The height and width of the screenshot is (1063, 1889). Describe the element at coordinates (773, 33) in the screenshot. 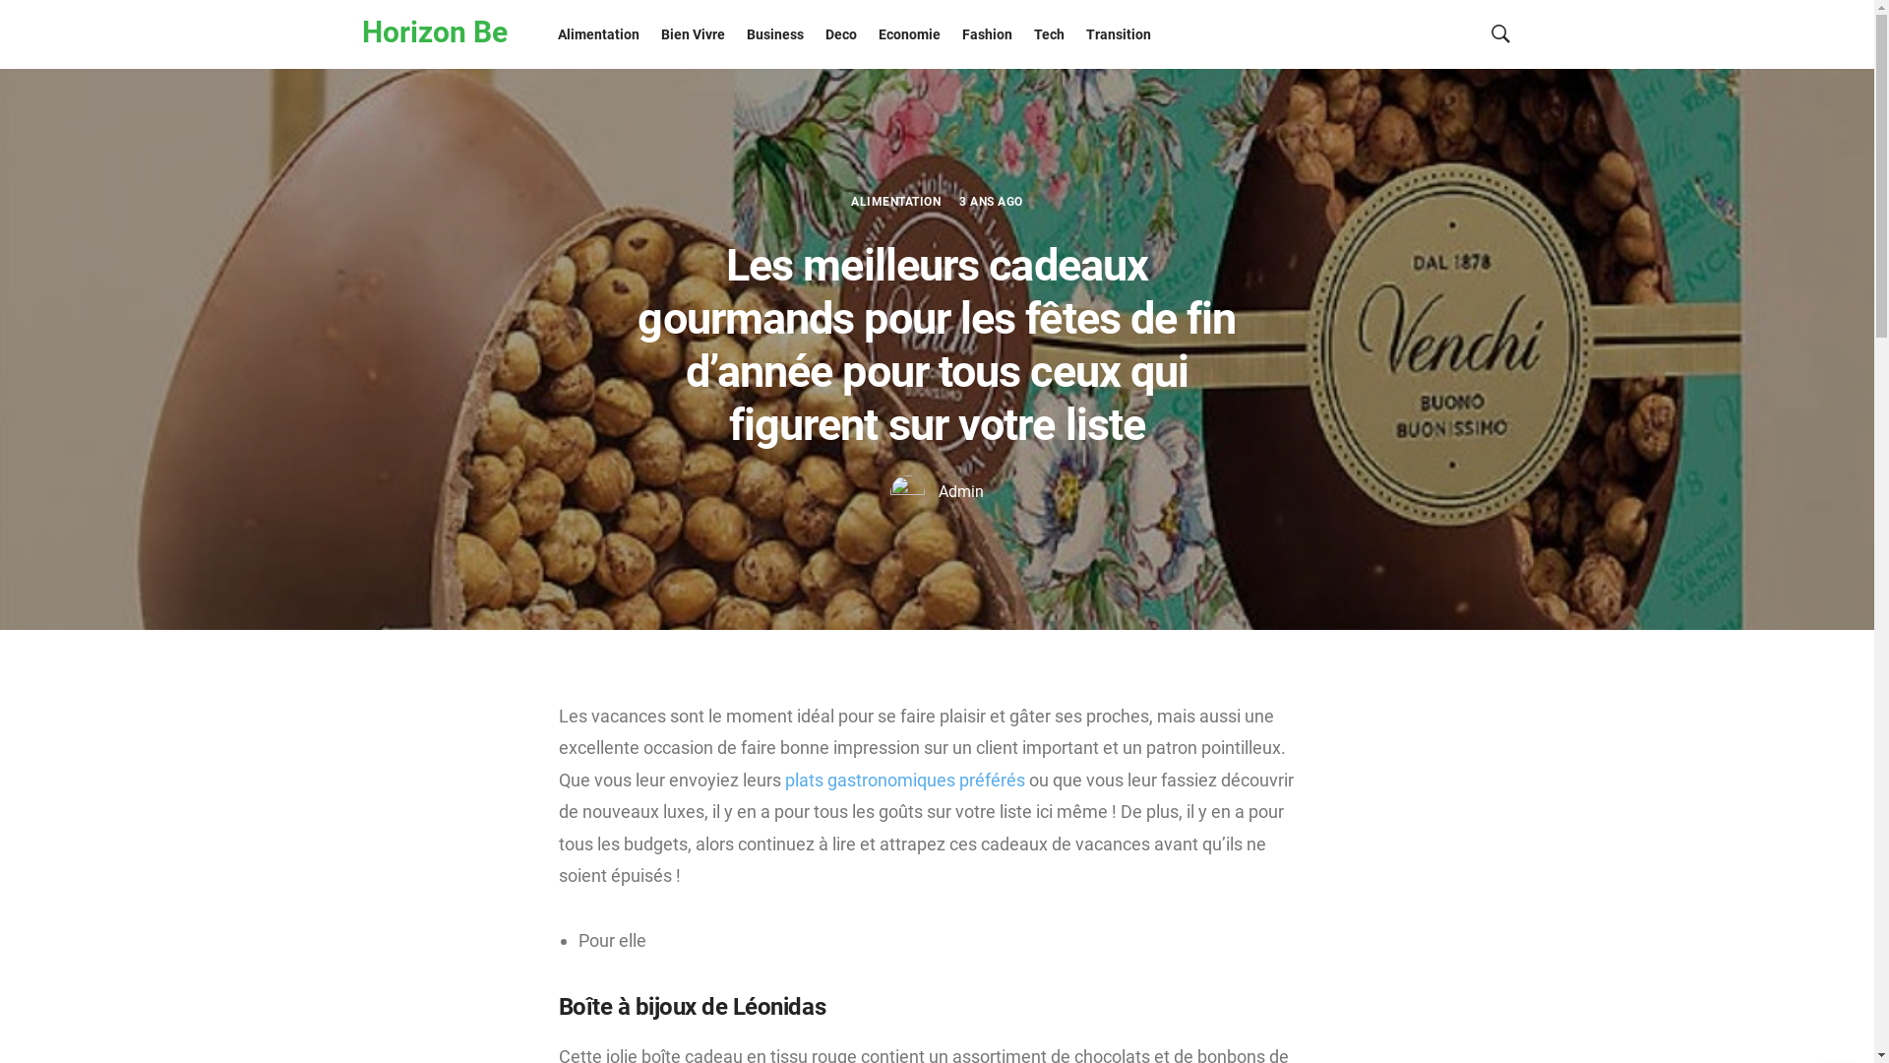

I see `'Business'` at that location.